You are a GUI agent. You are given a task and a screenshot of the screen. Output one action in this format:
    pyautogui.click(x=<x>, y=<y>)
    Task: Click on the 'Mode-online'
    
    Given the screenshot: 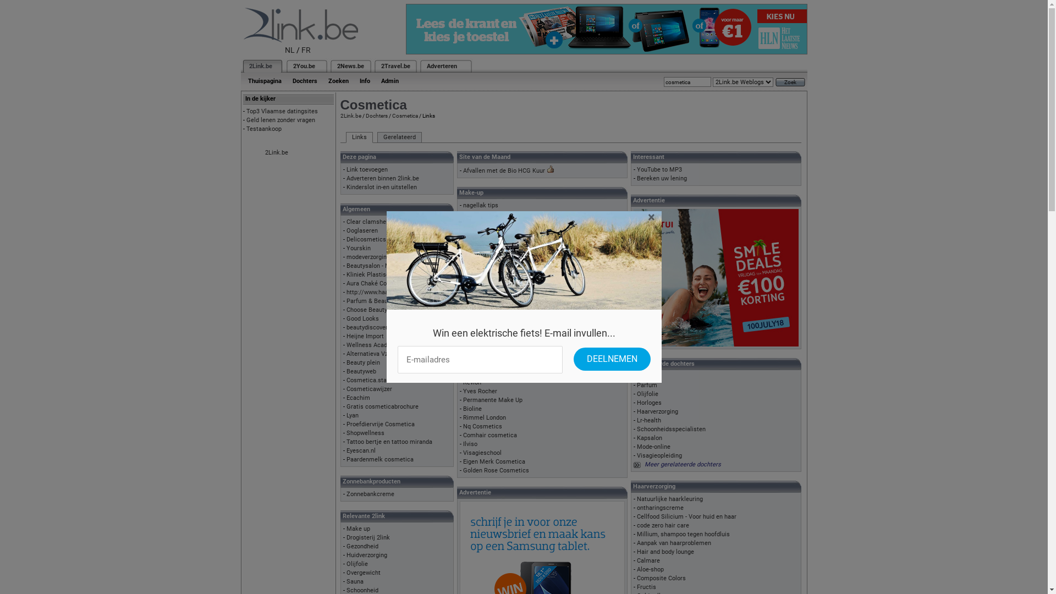 What is the action you would take?
    pyautogui.click(x=653, y=447)
    